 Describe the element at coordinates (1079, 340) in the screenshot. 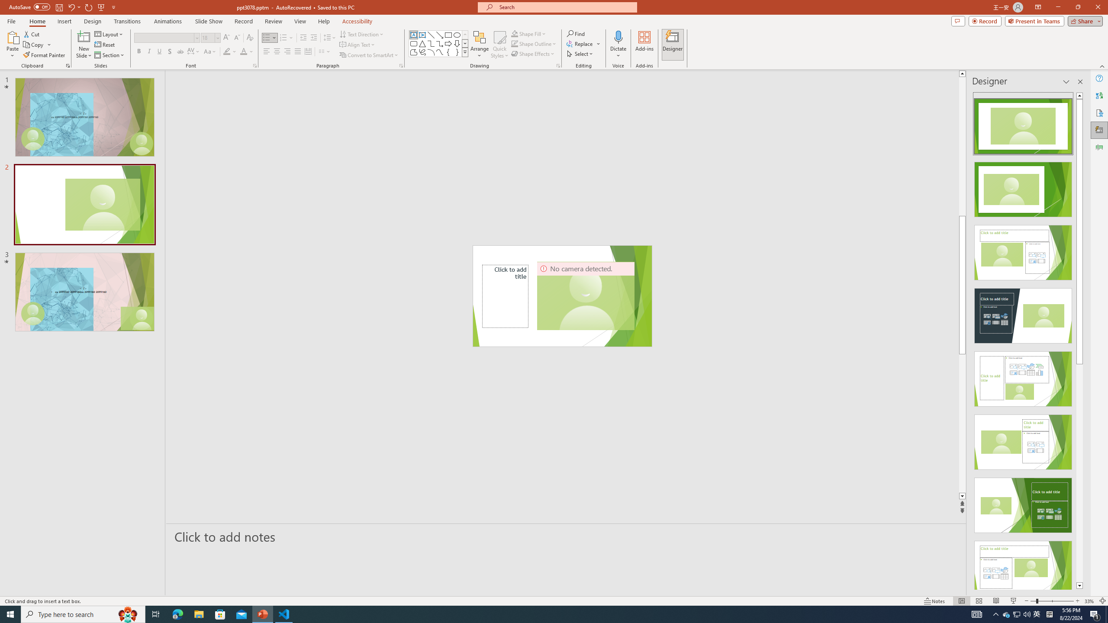

I see `'Class: NetUIScrollBar'` at that location.